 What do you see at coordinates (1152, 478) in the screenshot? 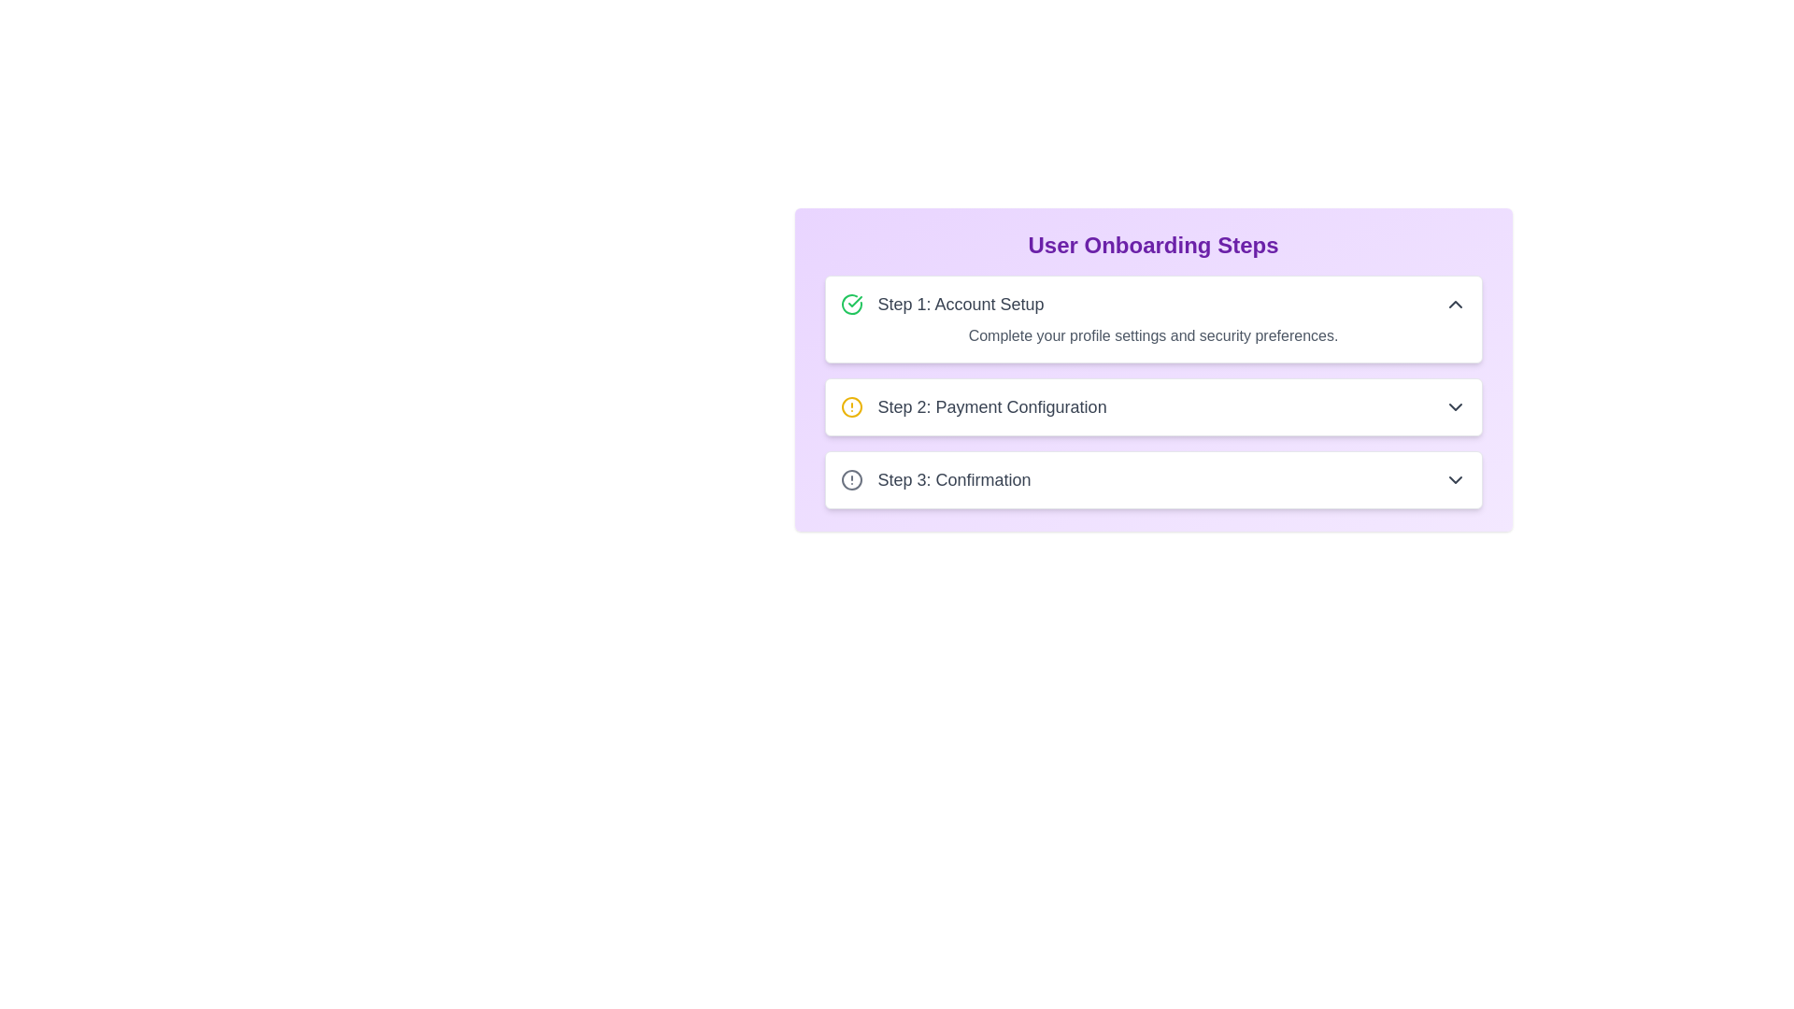
I see `the 'Step 3: Confirmation' collapsible list item` at bounding box center [1152, 478].